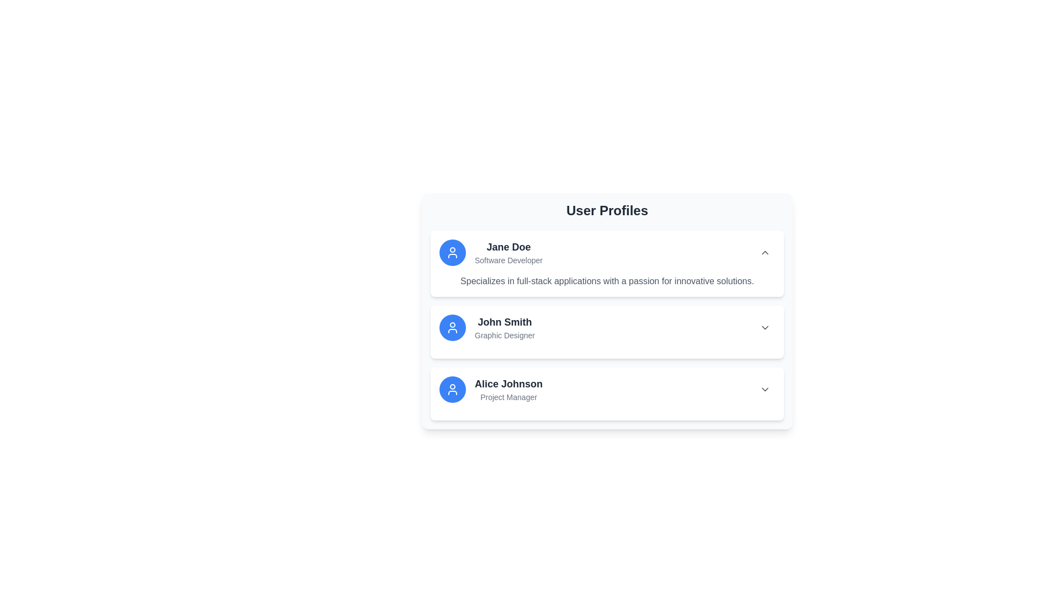 The image size is (1060, 596). I want to click on the text block containing the bold heading 'Jane Doe' and the subheading 'Software Developer' located to the right of the user avatar in the first card of the user profile list, so click(508, 253).